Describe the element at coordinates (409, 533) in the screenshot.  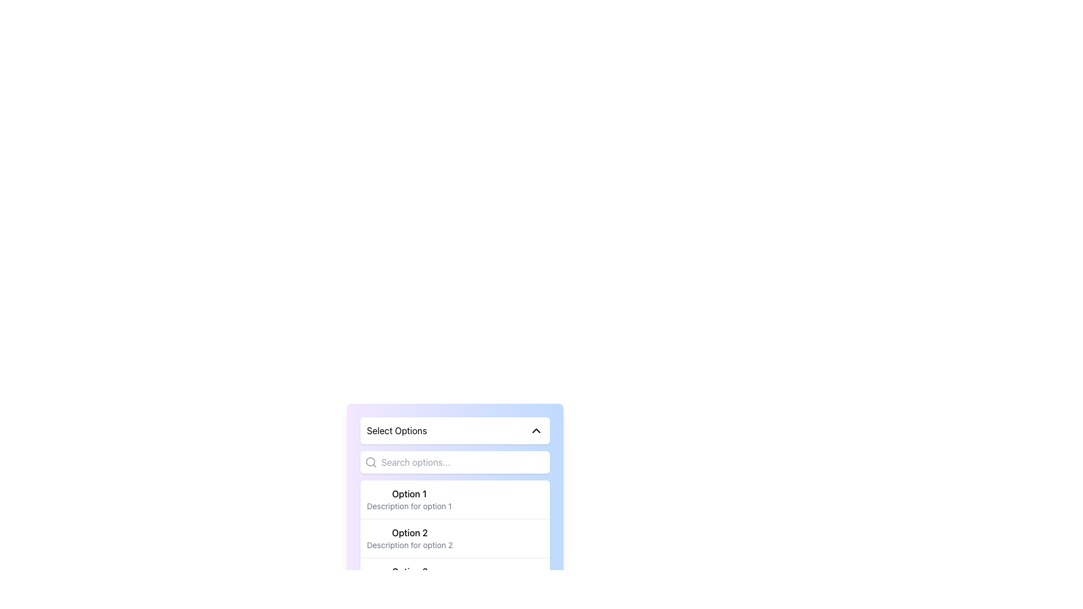
I see `the text label that reads 'Option 2', which is styled in medium font weight and black color, located in the dropdown menu interface` at that location.